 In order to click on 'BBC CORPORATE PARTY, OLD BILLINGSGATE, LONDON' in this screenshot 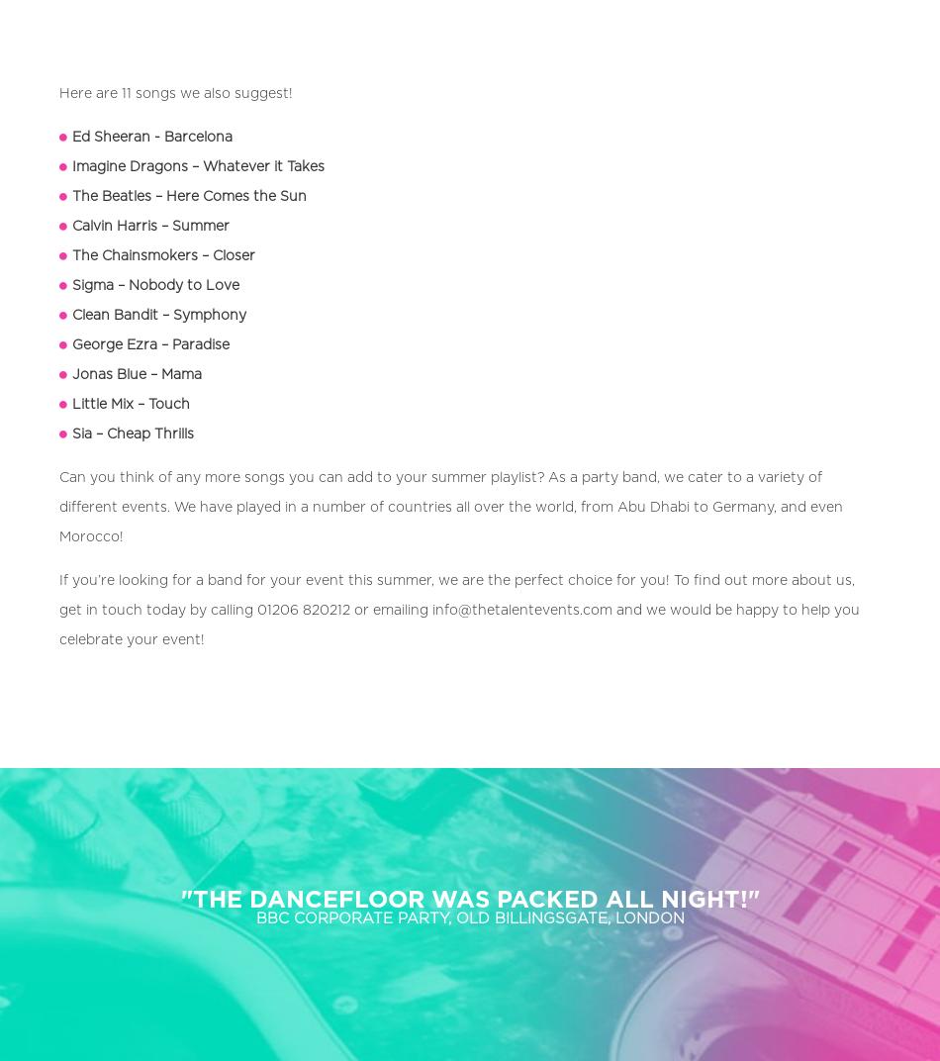, I will do `click(254, 917)`.